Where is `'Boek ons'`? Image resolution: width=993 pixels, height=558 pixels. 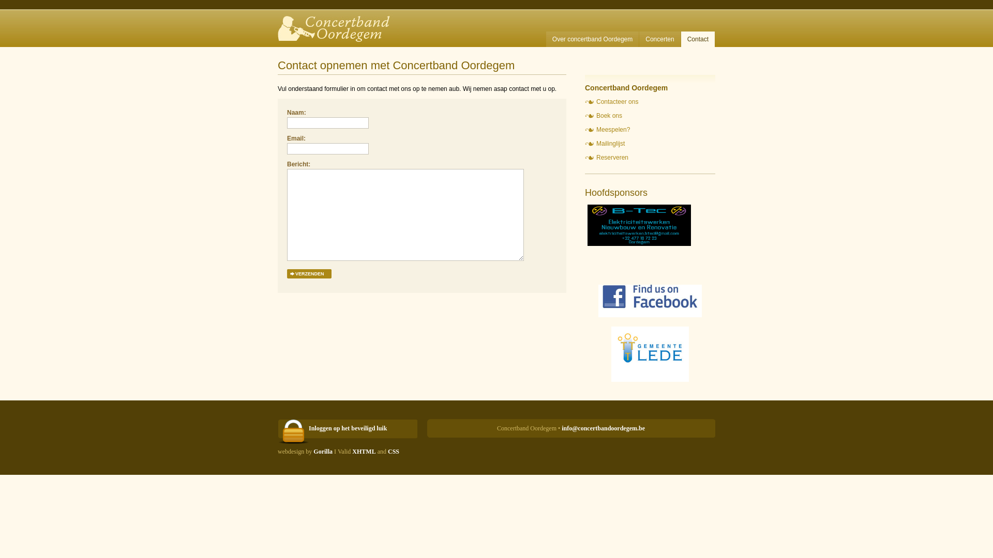 'Boek ons' is located at coordinates (603, 115).